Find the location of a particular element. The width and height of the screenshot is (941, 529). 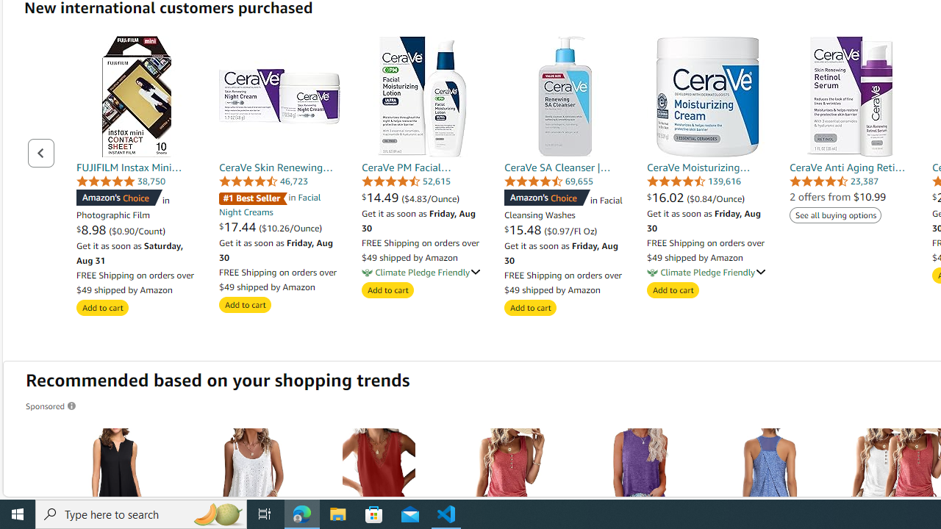

'FUJIFILM Instax Mini Contact Sheet Film - 10 Exposures' is located at coordinates (137, 96).